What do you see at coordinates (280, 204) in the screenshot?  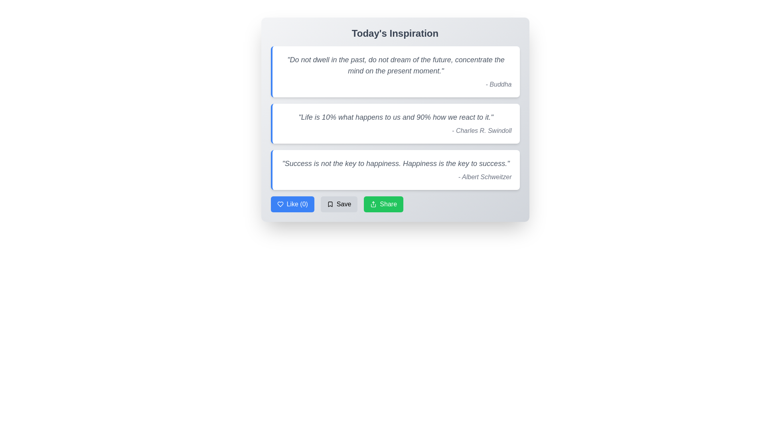 I see `the heart-shaped SVG icon located at the bottom-left corner of the interface, which is part of an interactive button cluster including 'Like', 'Save', and 'Share'` at bounding box center [280, 204].